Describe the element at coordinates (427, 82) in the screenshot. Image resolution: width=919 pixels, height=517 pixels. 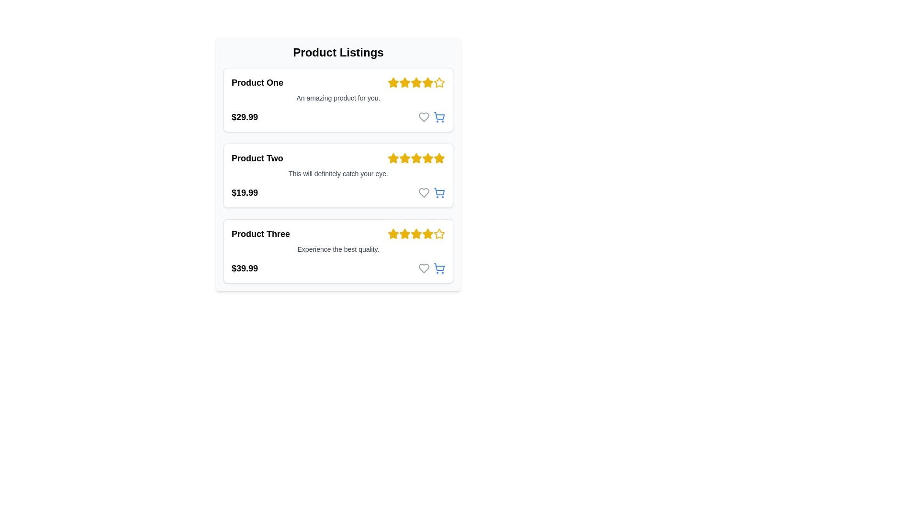
I see `the fourth visible star in the rating row of 'Product One'` at that location.